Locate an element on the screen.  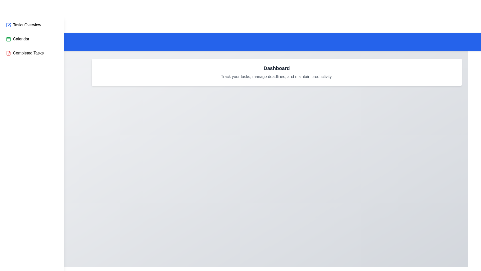
the non-interactive text label located below the 'Dashboard' heading in the central part of the layout is located at coordinates (276, 77).